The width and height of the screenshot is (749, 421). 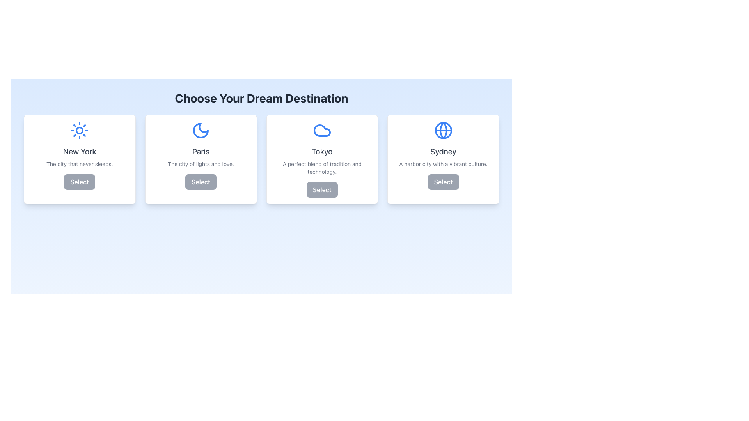 I want to click on static text content located within the 'Tokyo' card, which provides a summary blending tradition with technology, positioned below the title 'Tokyo' and above the 'Select' button, so click(x=322, y=168).